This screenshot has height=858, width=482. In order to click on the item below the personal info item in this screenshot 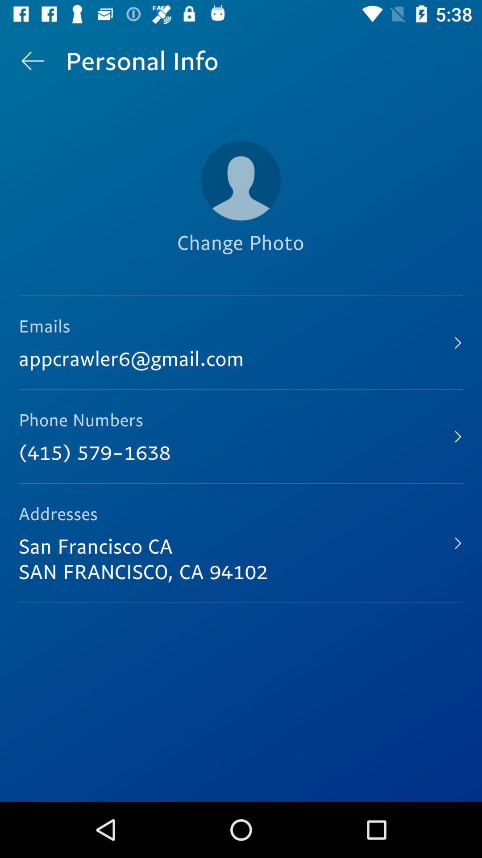, I will do `click(241, 180)`.